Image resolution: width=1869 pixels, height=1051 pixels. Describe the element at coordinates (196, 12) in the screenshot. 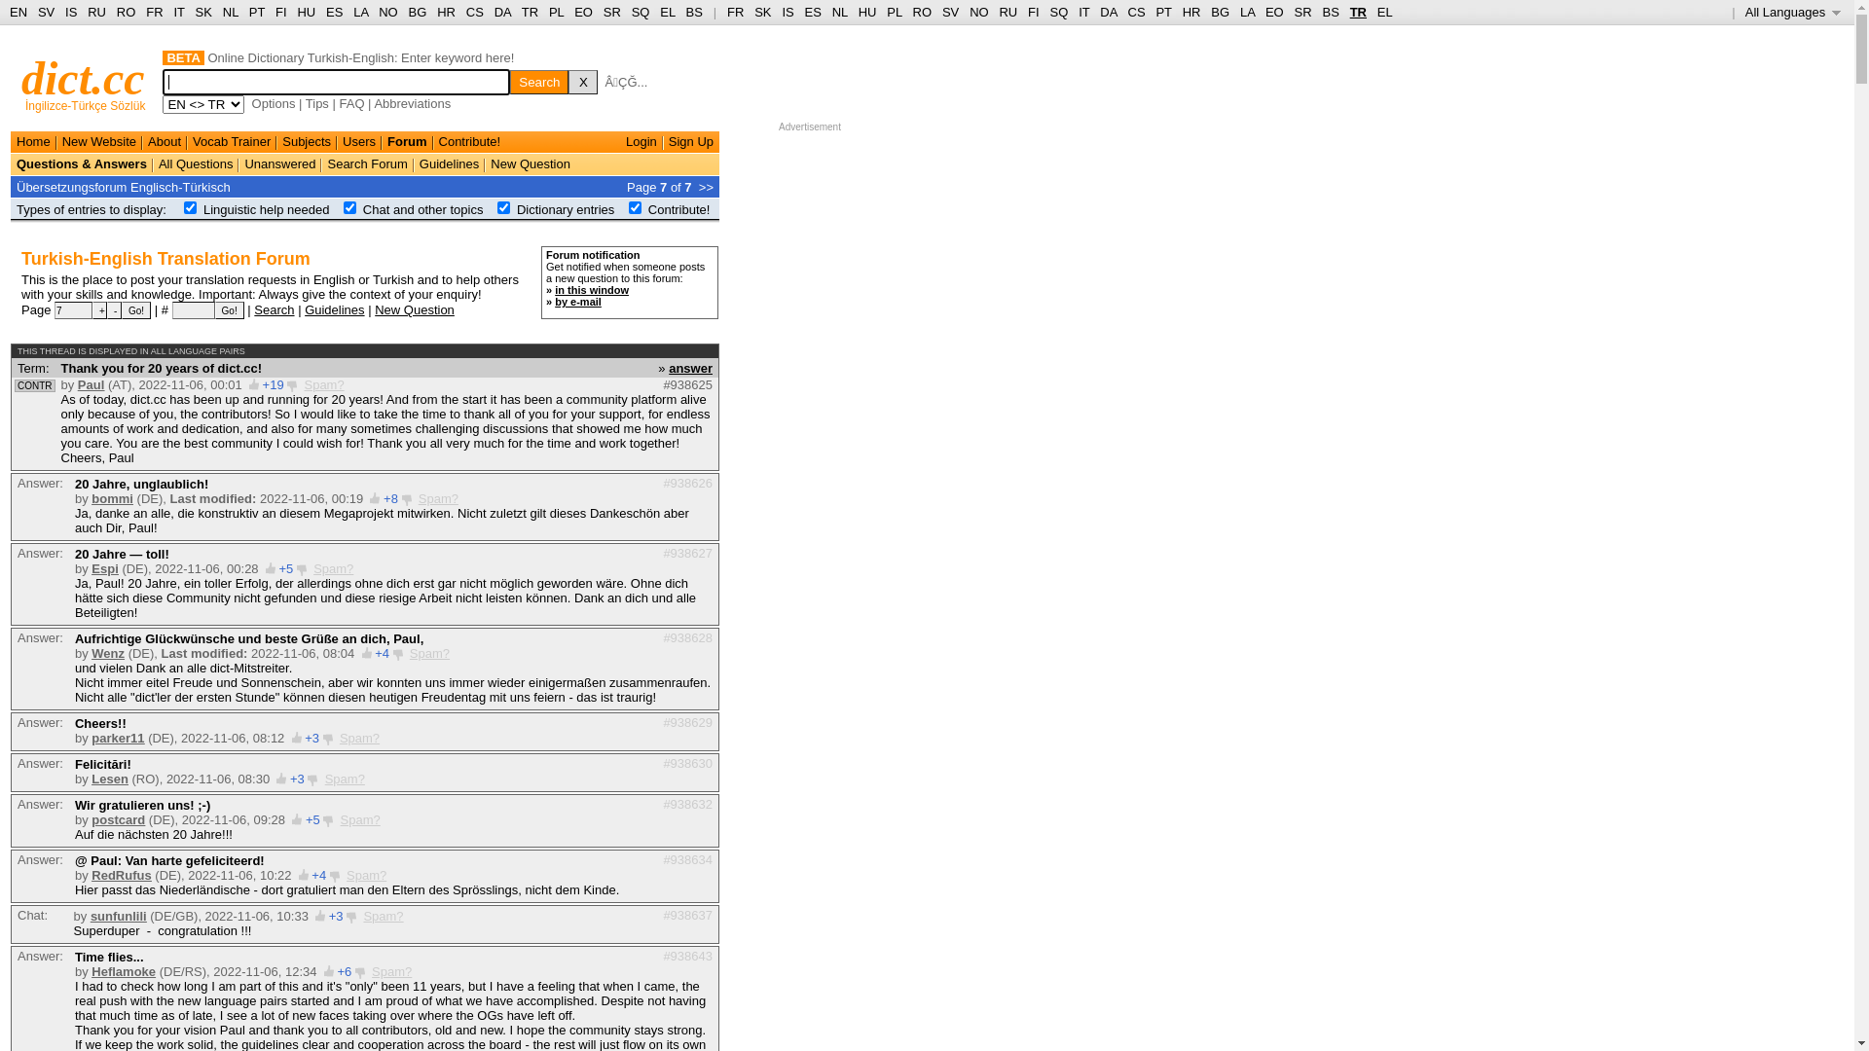

I see `'SK'` at that location.